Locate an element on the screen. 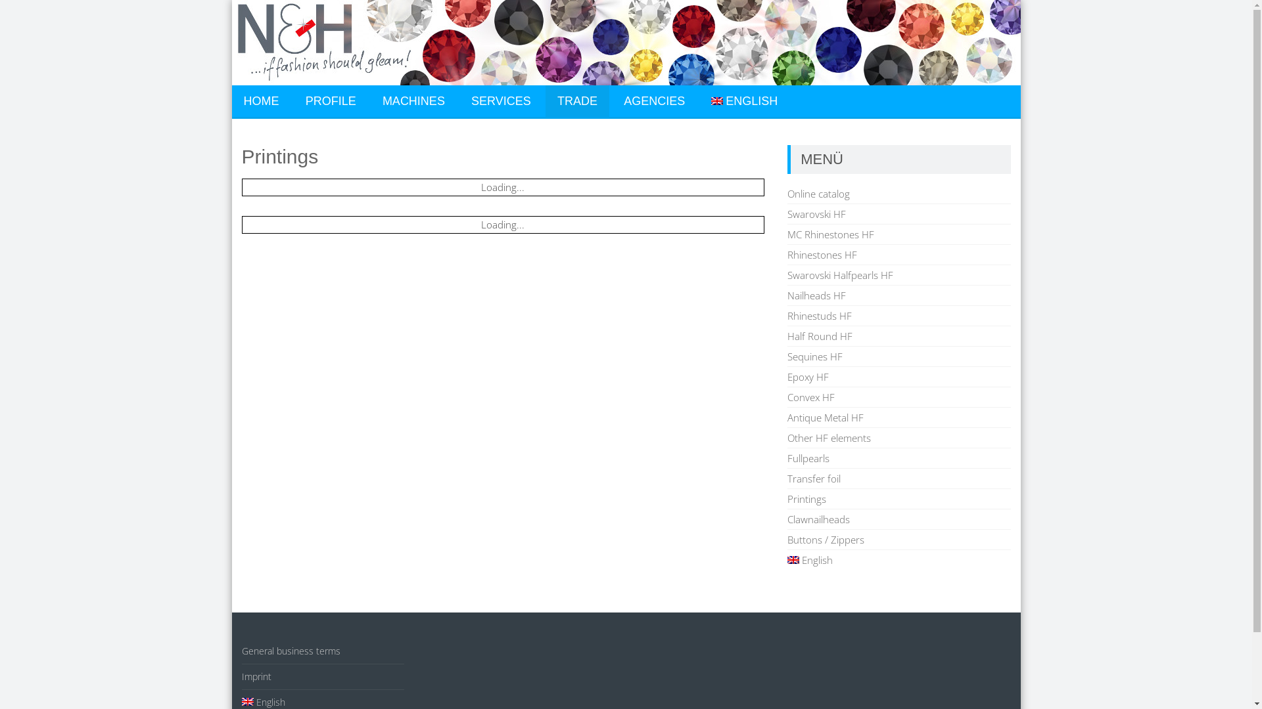 Image resolution: width=1262 pixels, height=709 pixels. 'Sequines HF' is located at coordinates (787, 356).